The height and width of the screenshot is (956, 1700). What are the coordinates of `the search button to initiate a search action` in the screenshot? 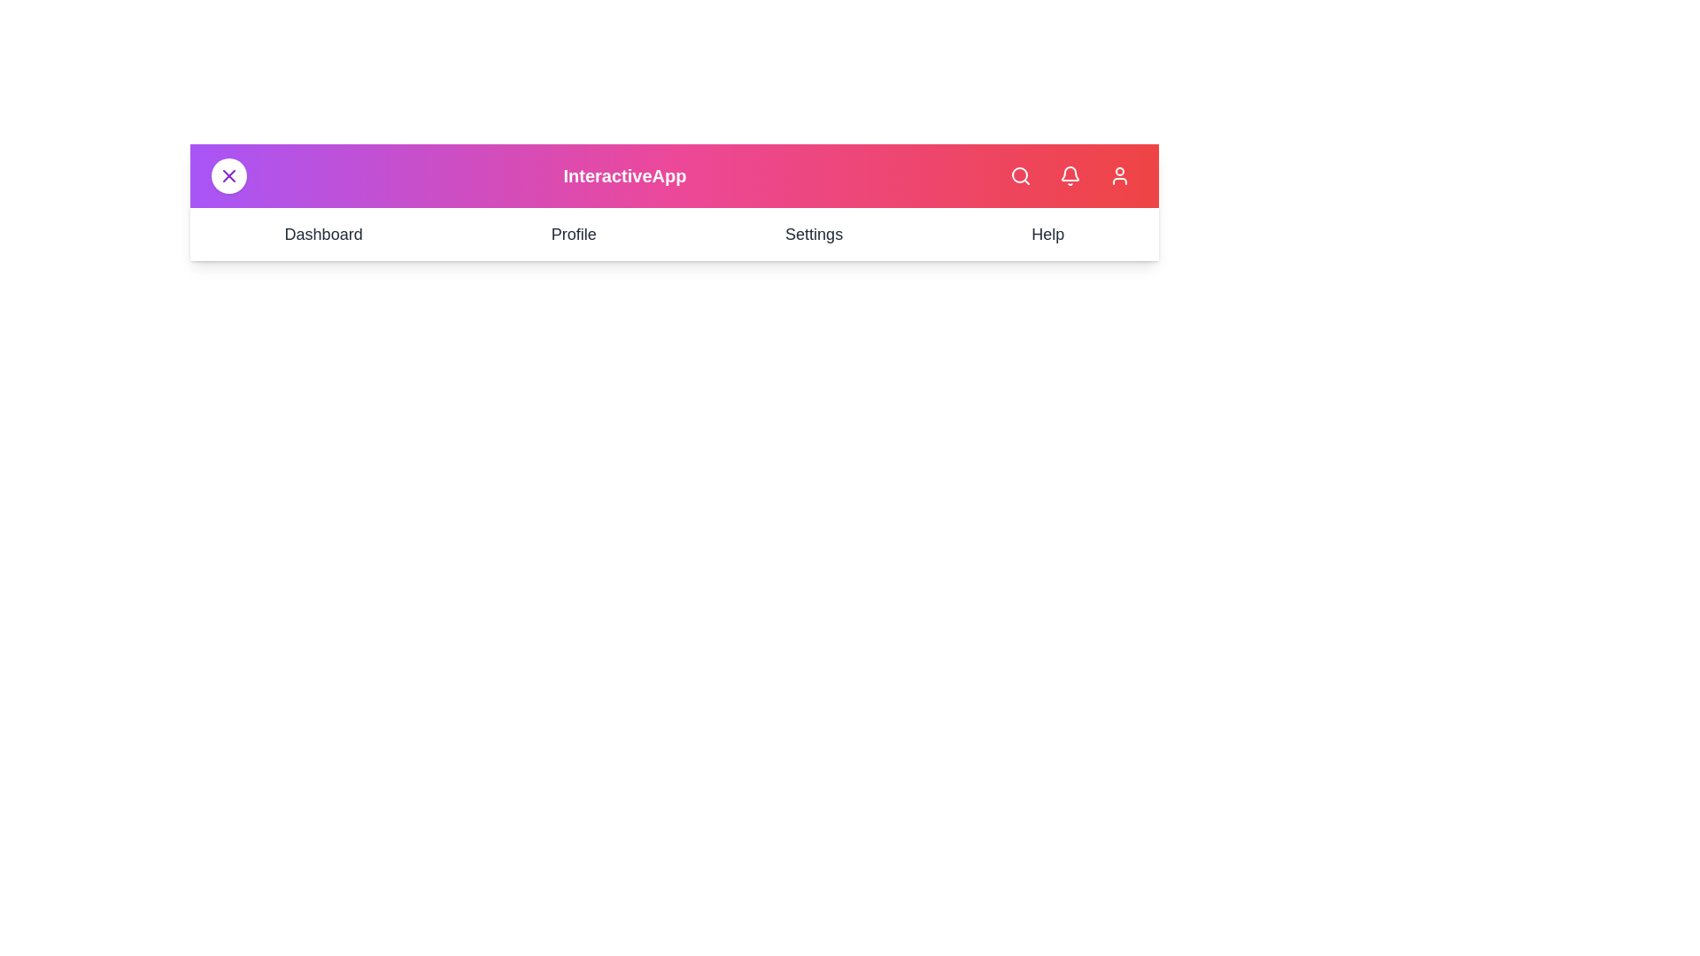 It's located at (1020, 176).